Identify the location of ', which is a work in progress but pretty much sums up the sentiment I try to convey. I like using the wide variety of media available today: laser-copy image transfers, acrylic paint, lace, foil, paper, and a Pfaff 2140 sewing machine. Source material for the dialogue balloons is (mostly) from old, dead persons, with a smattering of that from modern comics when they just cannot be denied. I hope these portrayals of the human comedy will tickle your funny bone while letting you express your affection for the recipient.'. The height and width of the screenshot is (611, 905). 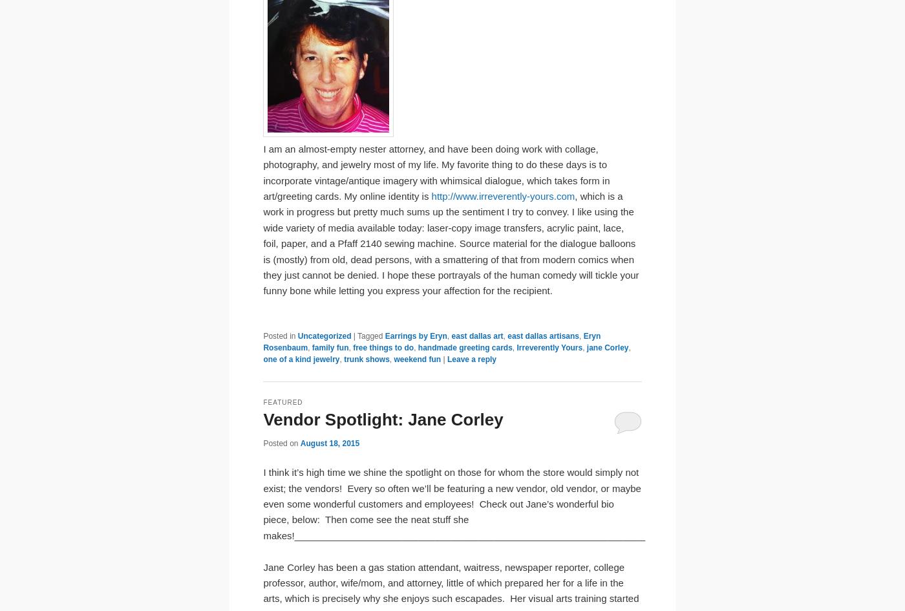
(451, 242).